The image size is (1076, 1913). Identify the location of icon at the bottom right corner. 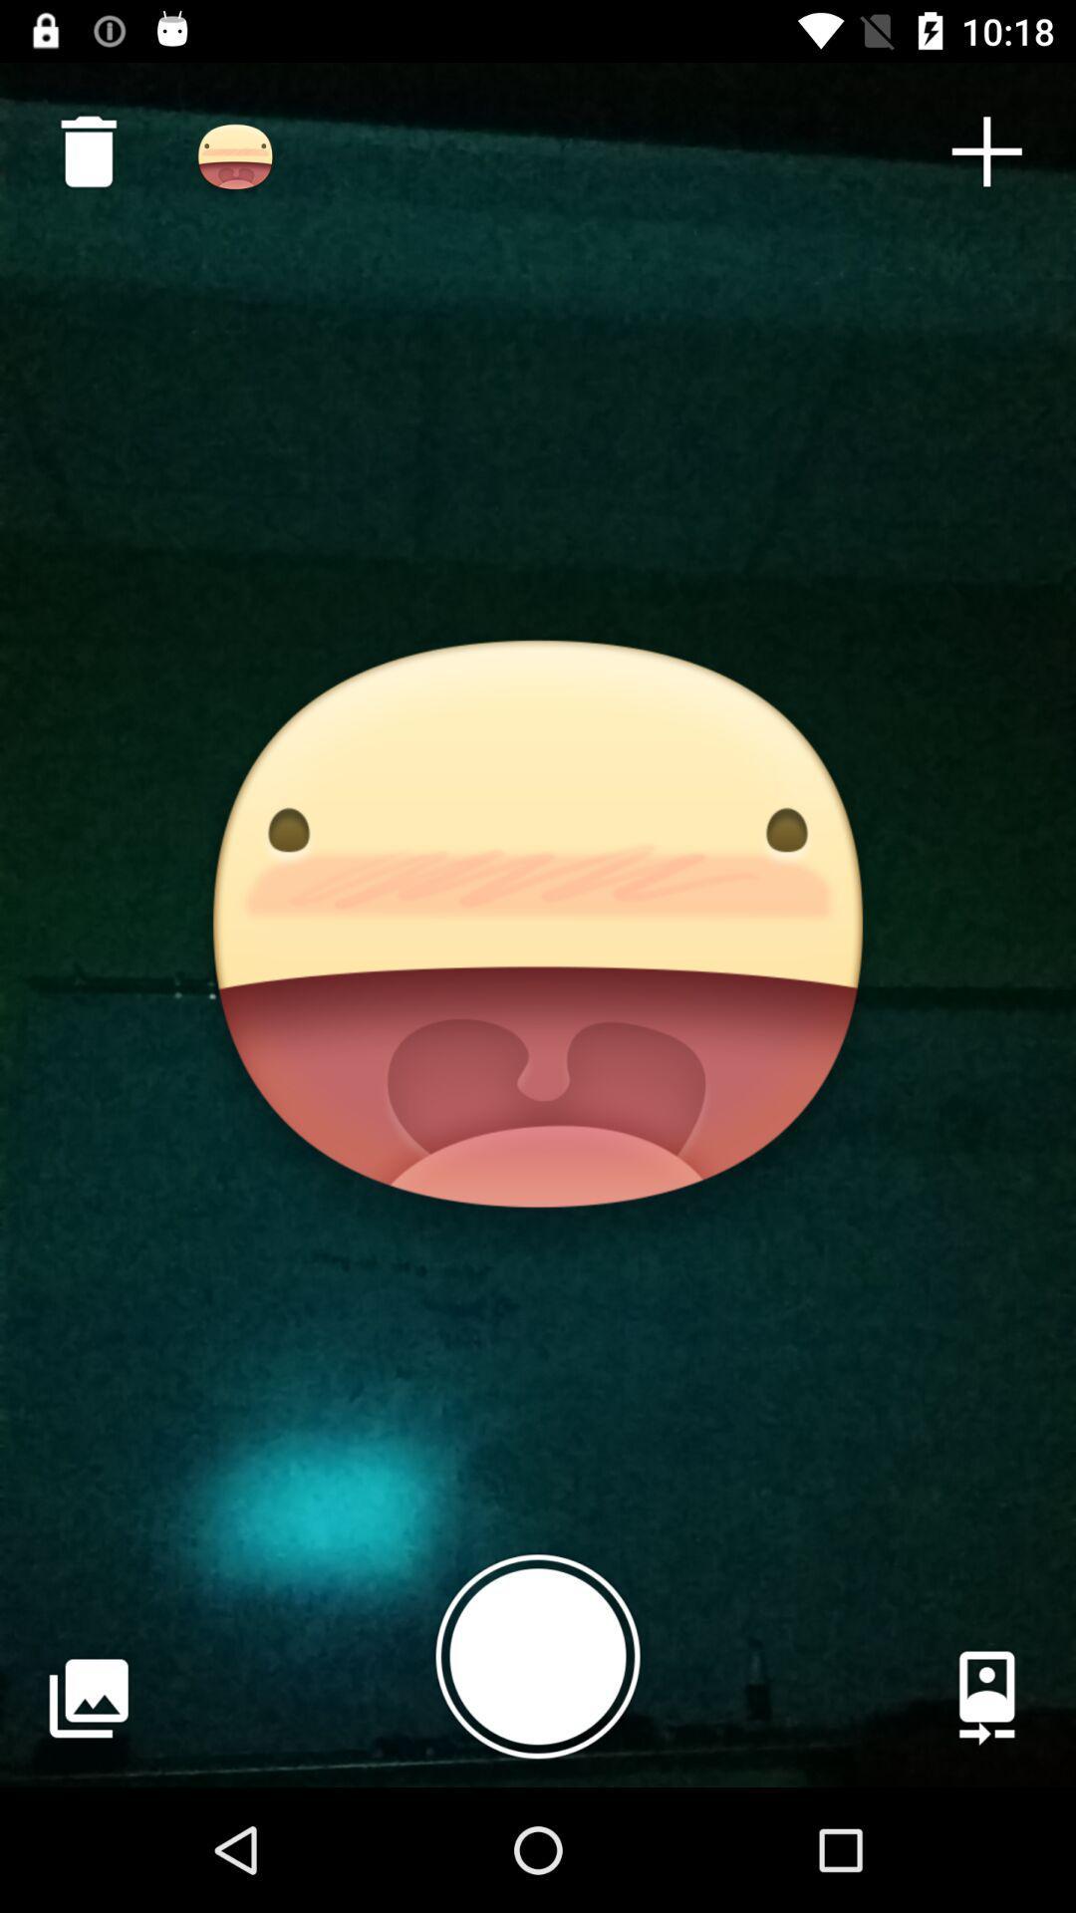
(986, 1697).